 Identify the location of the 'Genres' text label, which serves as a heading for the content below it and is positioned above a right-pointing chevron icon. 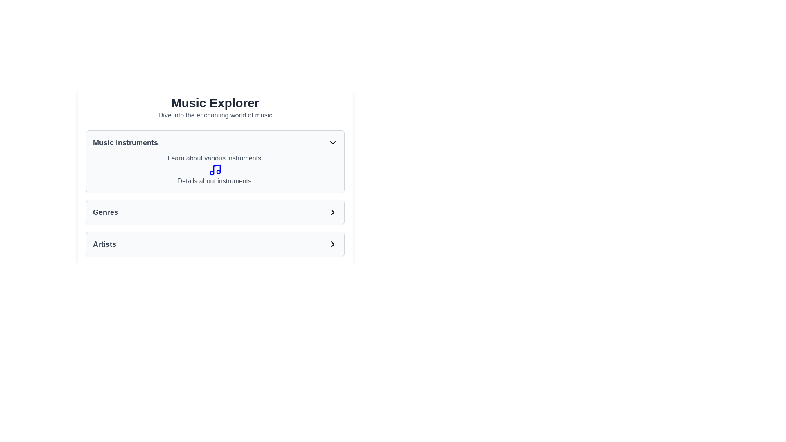
(105, 212).